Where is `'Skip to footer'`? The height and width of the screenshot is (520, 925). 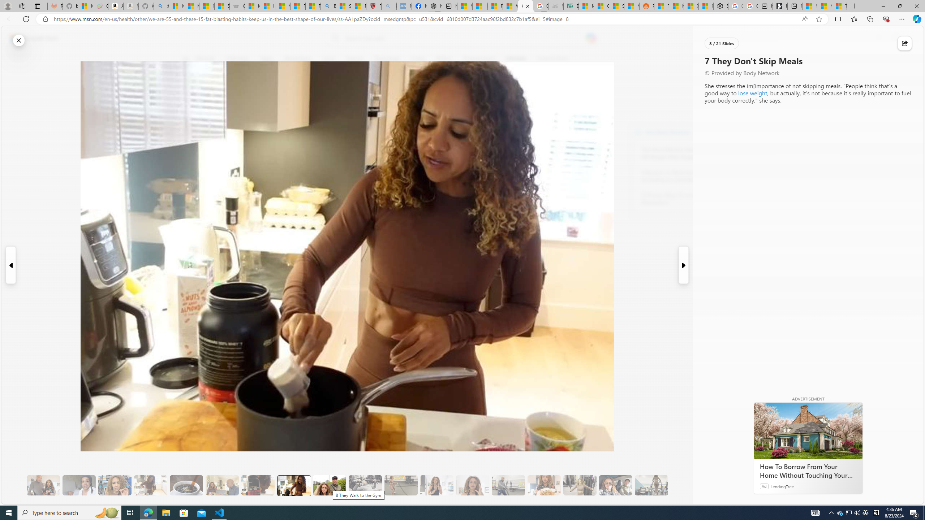
'Skip to footer' is located at coordinates (29, 38).